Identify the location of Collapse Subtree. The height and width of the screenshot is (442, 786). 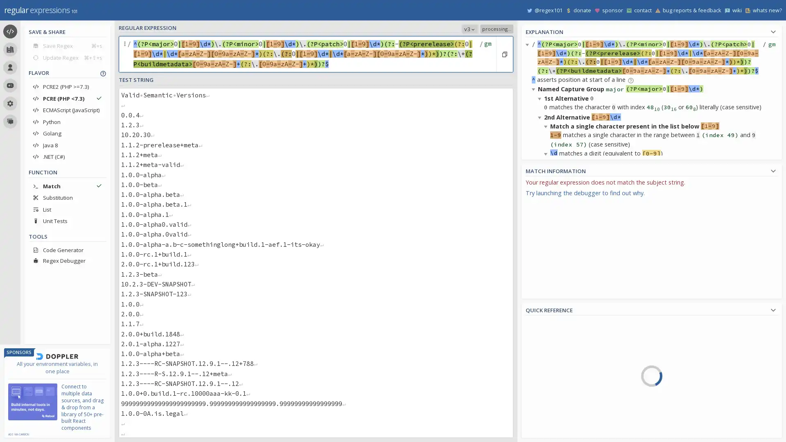
(547, 357).